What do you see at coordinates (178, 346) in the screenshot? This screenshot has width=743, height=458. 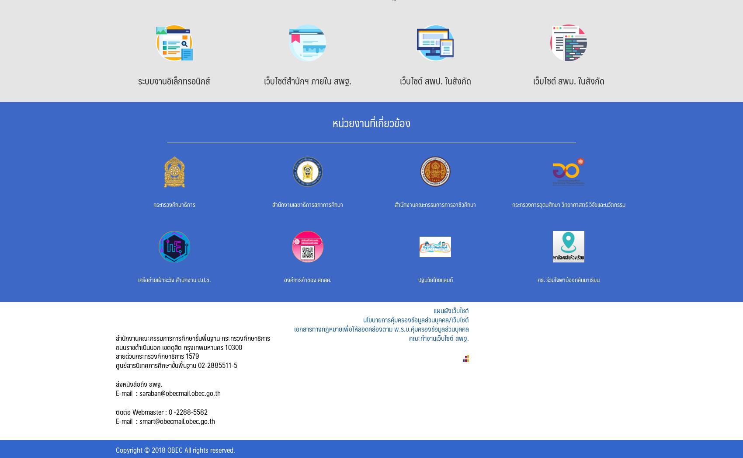 I see `'ถนนราชดำเนินนอก เขตดุสิต กรุงเทพมหานคร 10300'` at bounding box center [178, 346].